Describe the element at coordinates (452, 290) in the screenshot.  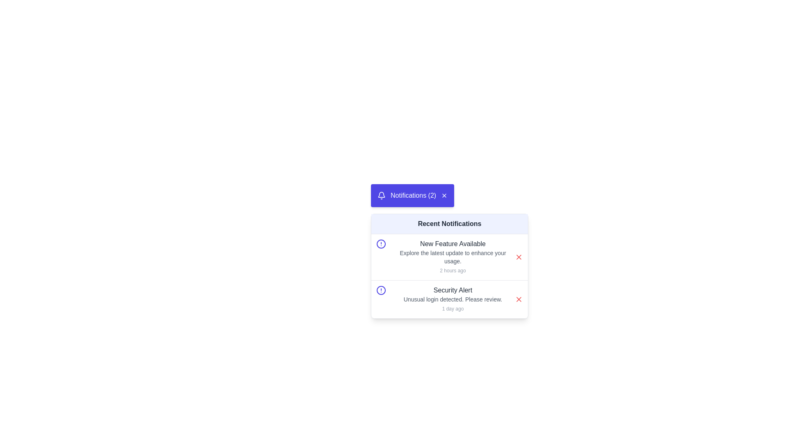
I see `the title text label of the second notification card in the dropdown under the 'Notifications' button, which summarizes the notification's primary content` at that location.